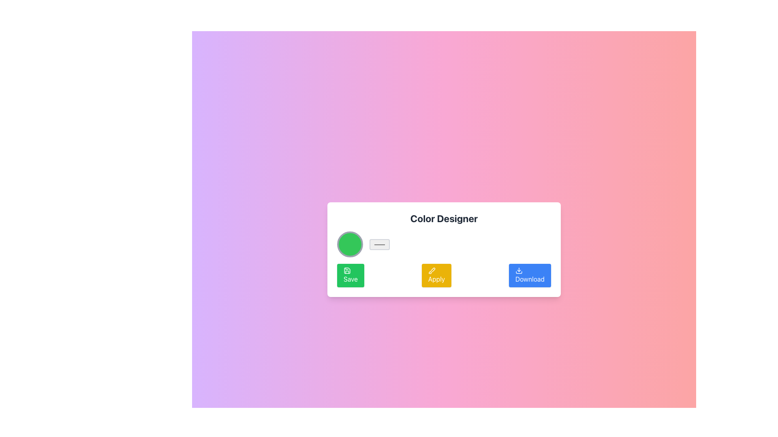 The image size is (778, 437). What do you see at coordinates (443, 275) in the screenshot?
I see `the 'Apply' button, which has a yellow background and white text, located below the 'Color Designer' section` at bounding box center [443, 275].